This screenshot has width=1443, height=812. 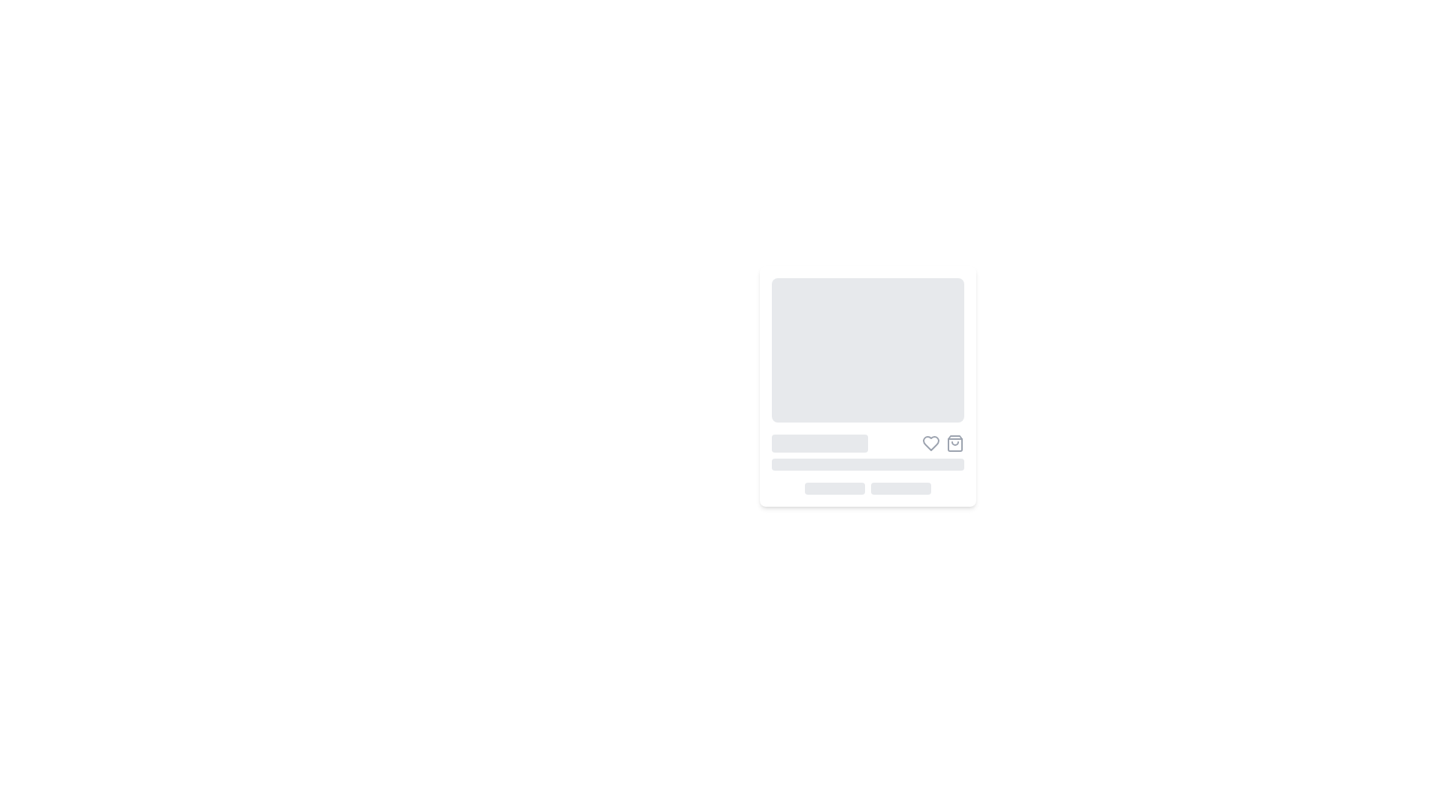 I want to click on the heart-shaped icon, which is gray and located in the bottom-right corner of a card layout, so click(x=930, y=443).